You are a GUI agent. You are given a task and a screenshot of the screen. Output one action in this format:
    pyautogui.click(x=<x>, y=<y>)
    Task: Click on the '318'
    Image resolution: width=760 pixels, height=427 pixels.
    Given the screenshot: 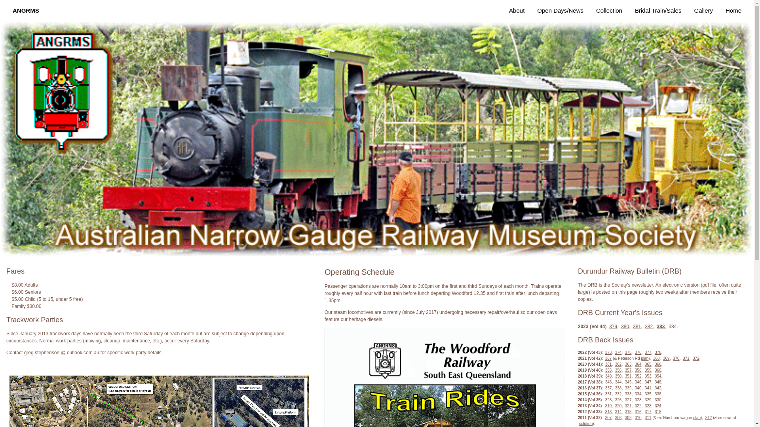 What is the action you would take?
    pyautogui.click(x=655, y=411)
    